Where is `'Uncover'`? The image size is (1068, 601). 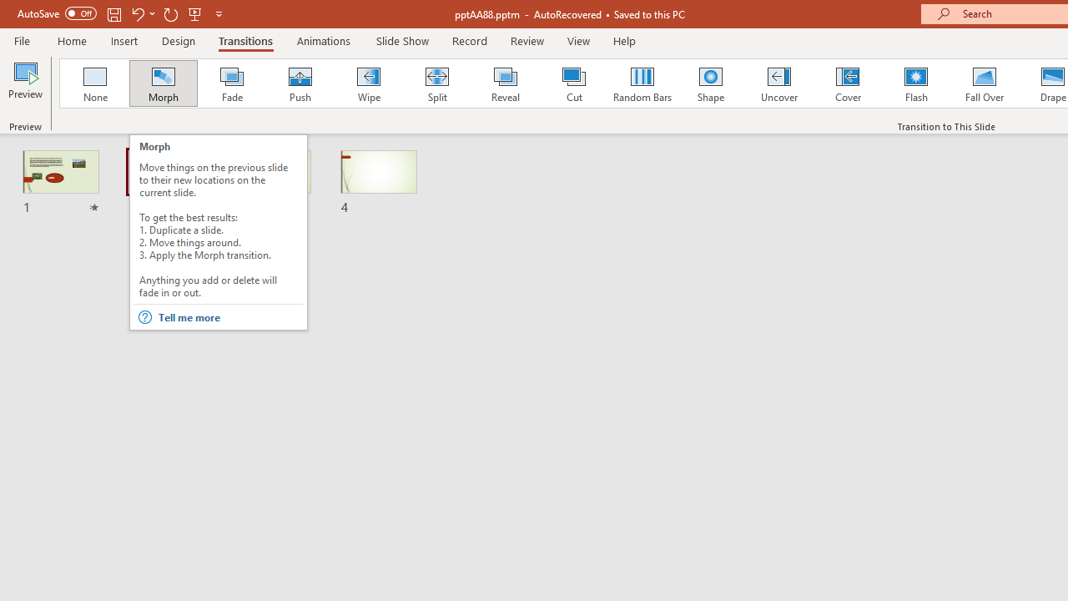
'Uncover' is located at coordinates (778, 83).